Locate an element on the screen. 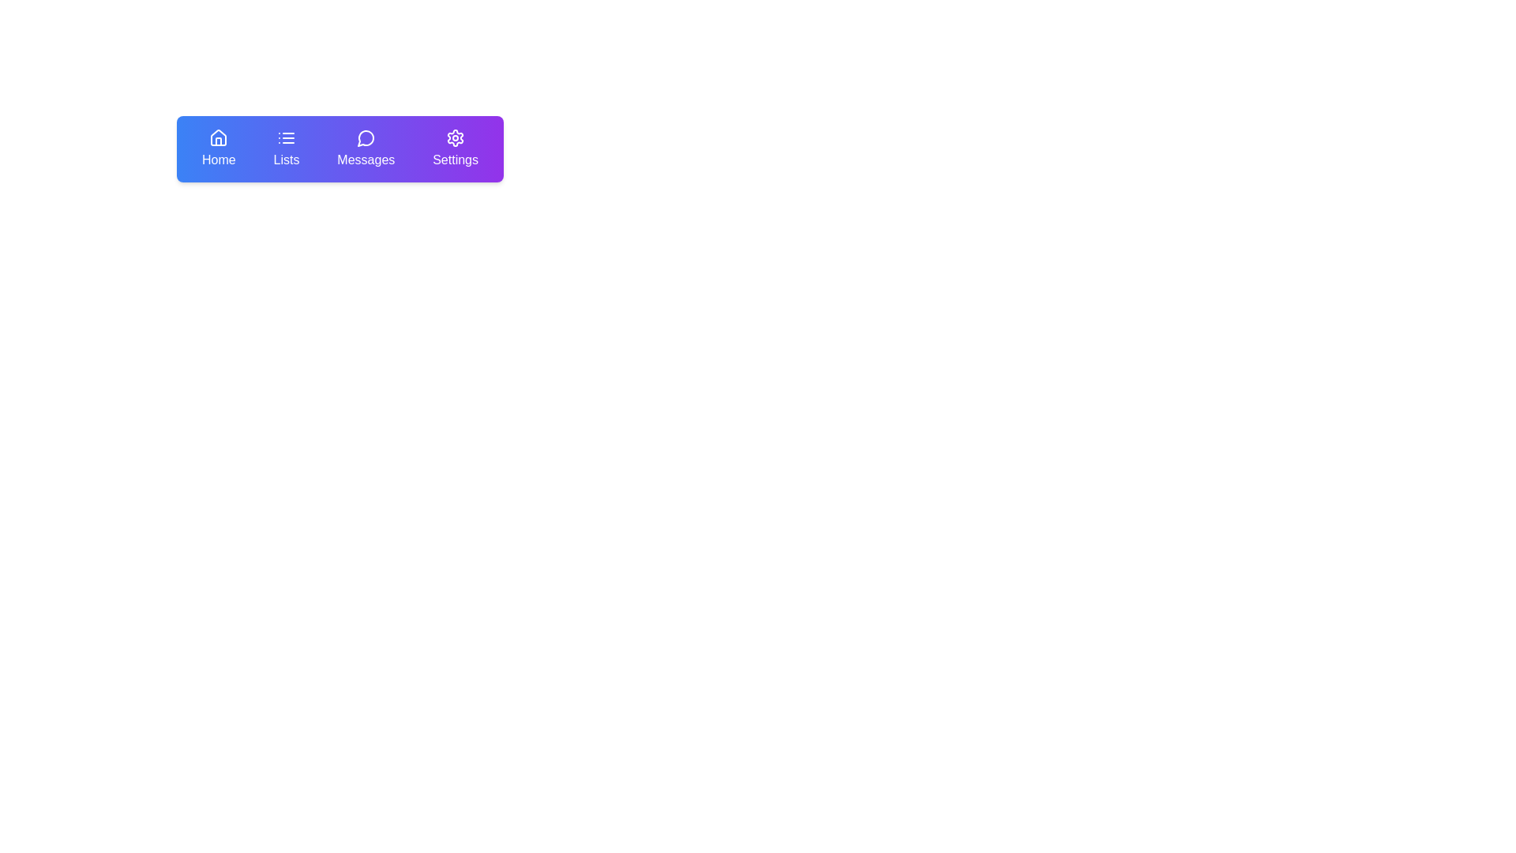 Image resolution: width=1516 pixels, height=853 pixels. the 'Home' navigation button, which includes a text label indicating its functionality is located at coordinates (218, 160).